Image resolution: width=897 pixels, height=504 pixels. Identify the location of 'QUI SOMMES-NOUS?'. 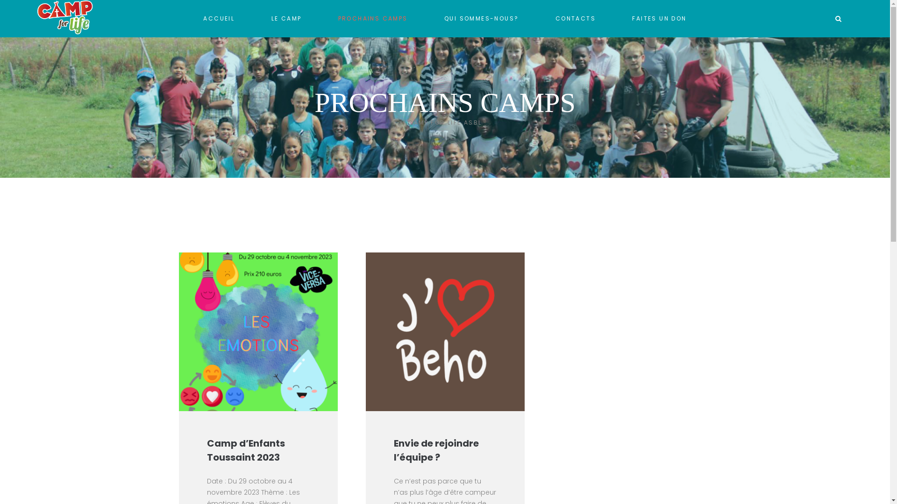
(481, 18).